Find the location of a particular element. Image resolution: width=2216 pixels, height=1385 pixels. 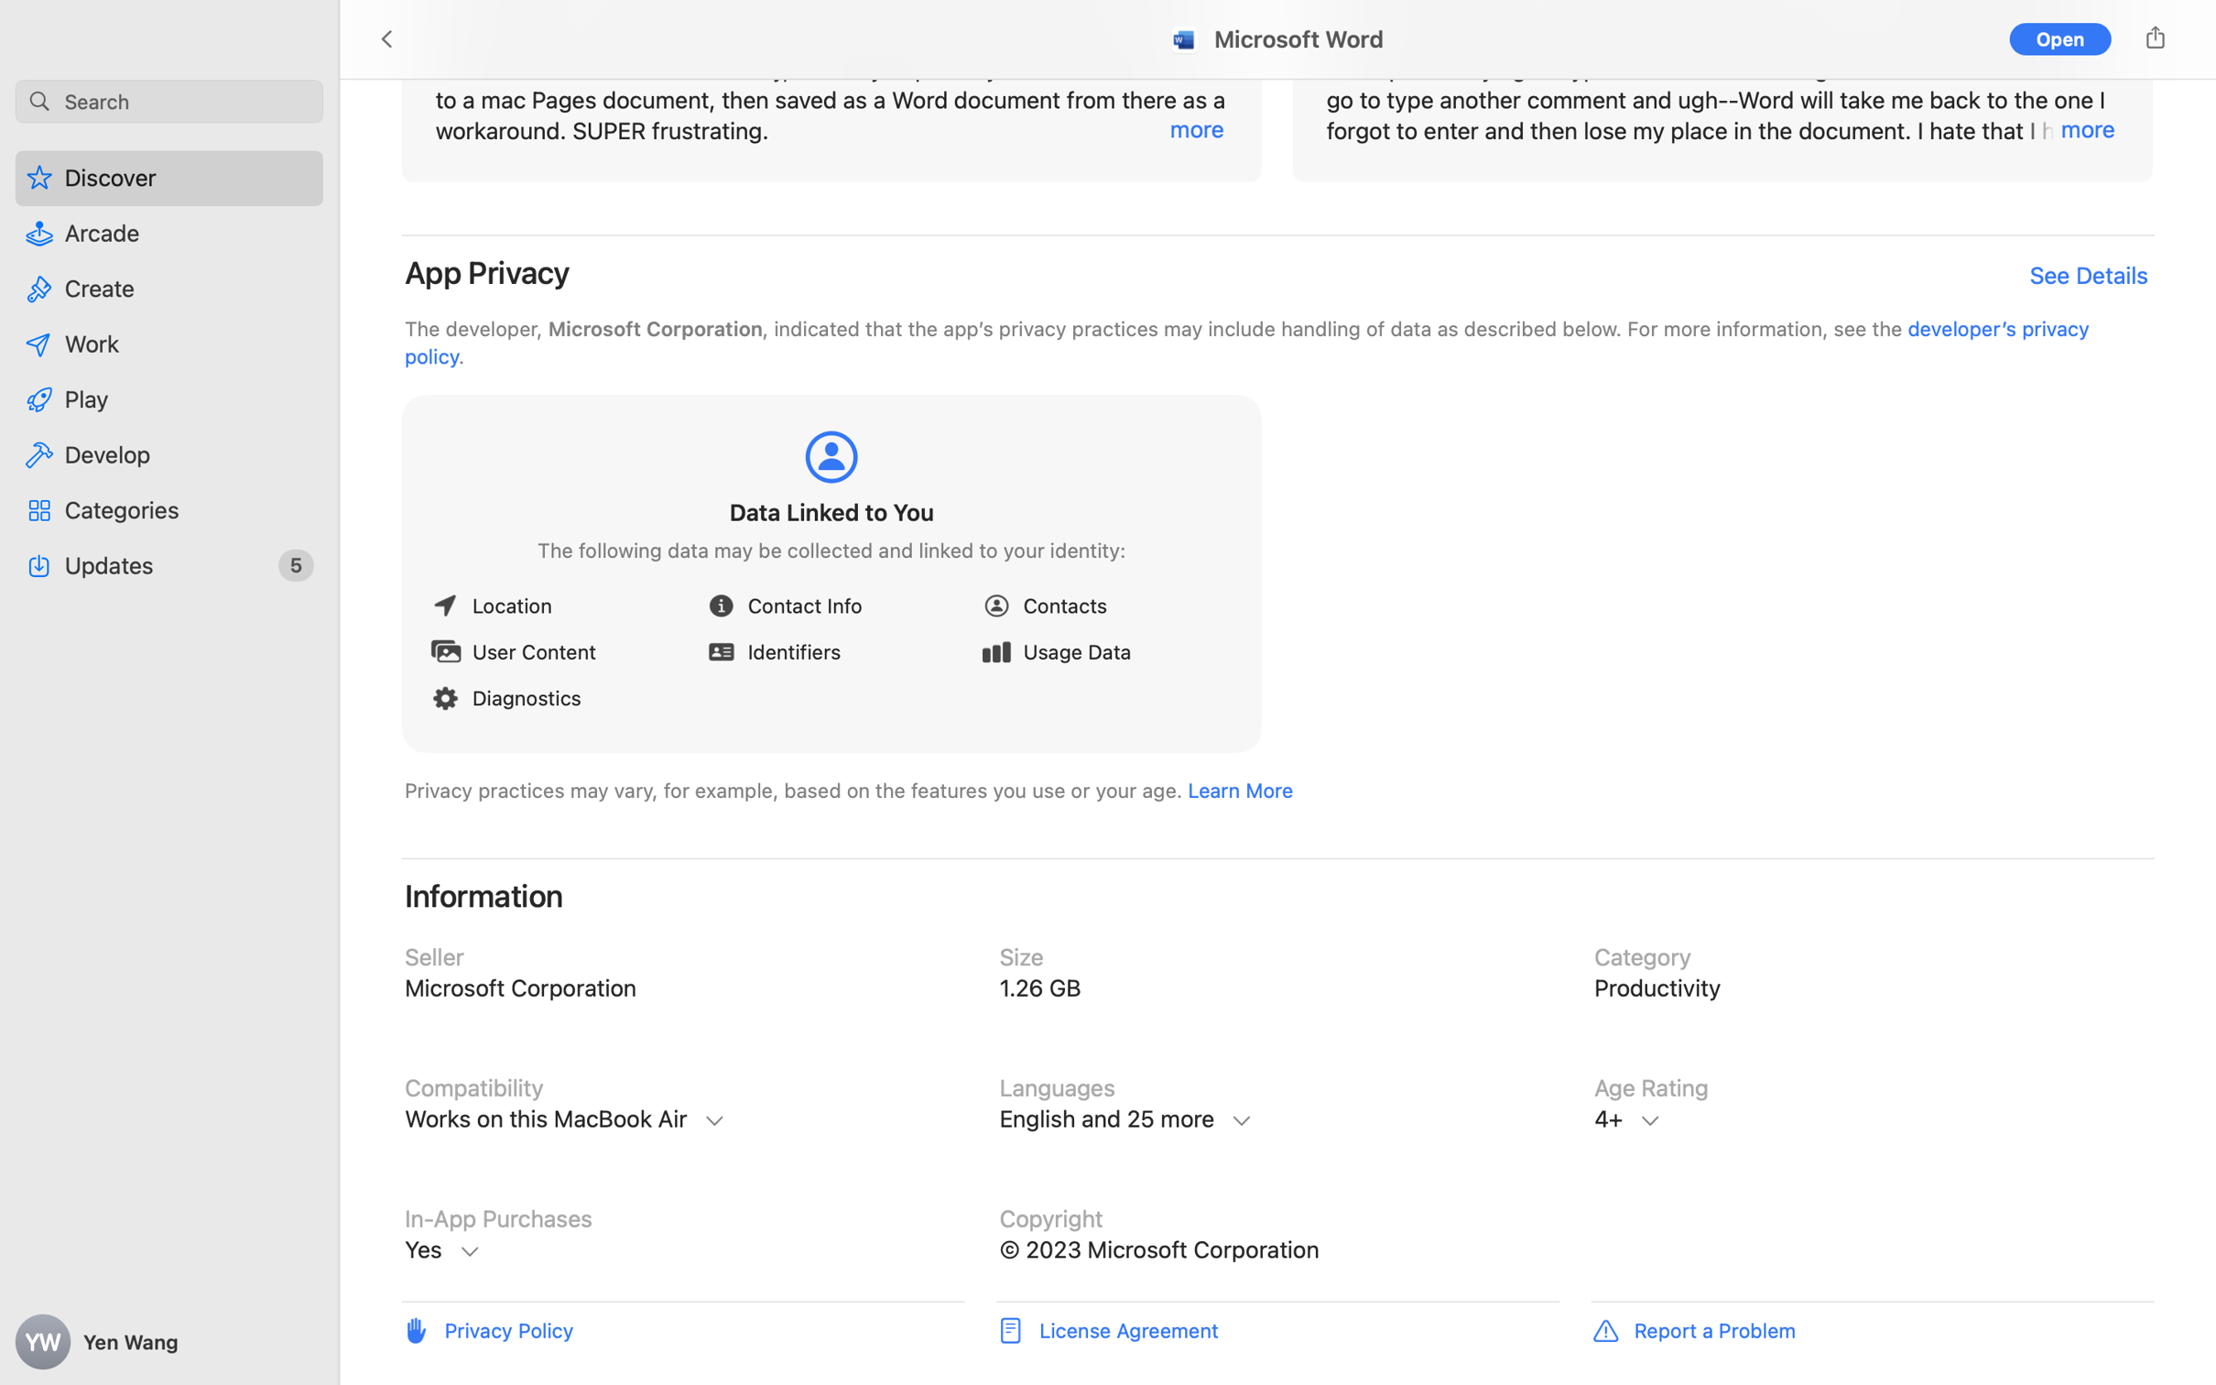

'Seller, Microsoft Corporation' is located at coordinates (681, 988).